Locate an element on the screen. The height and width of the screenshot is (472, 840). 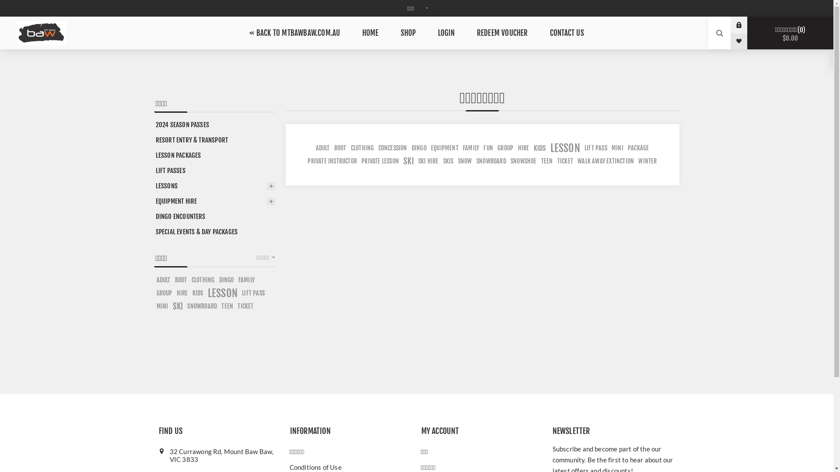
'CONCESSION' is located at coordinates (392, 148).